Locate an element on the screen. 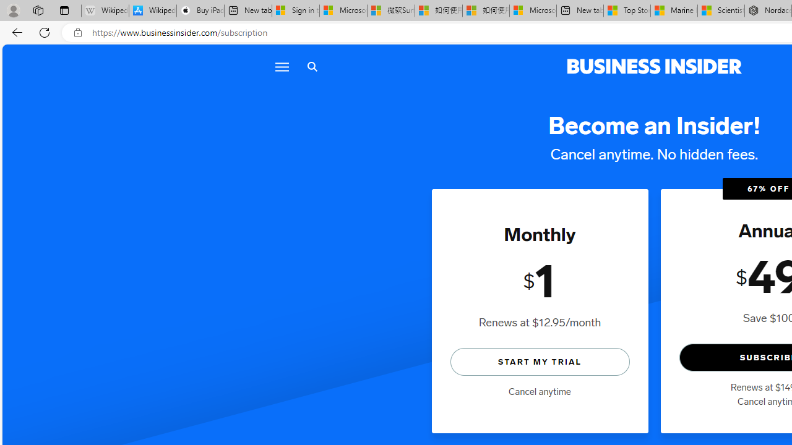 The image size is (792, 445). 'Cancel anytime' is located at coordinates (540, 391).